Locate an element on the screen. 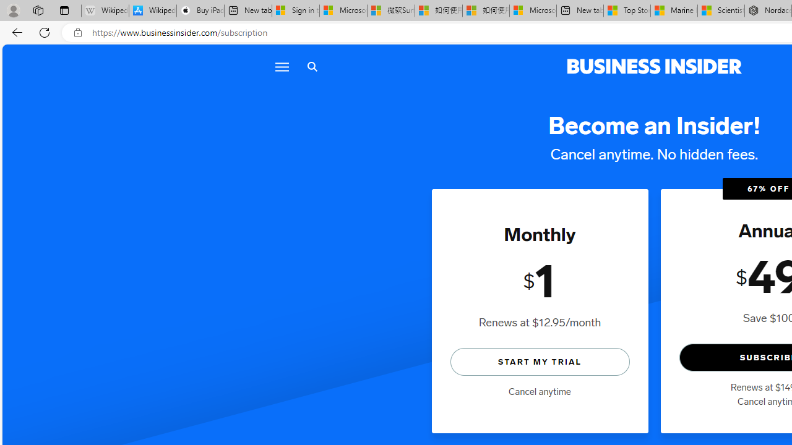 The image size is (792, 445). 'Cancel anytime' is located at coordinates (540, 391).